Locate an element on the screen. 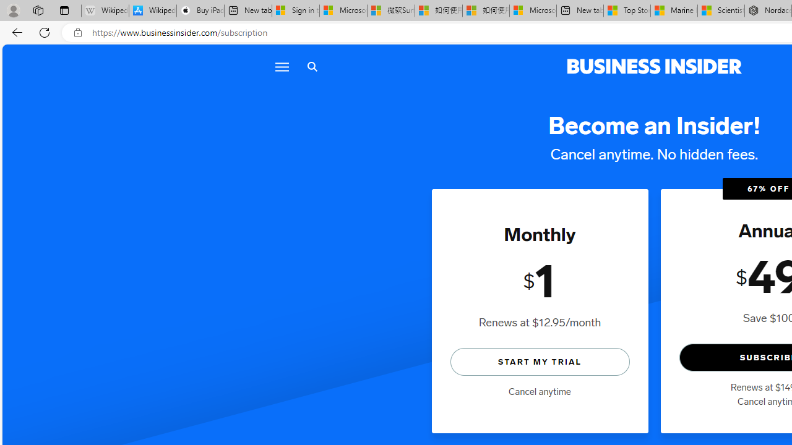 The image size is (792, 445). 'Cancel anytime' is located at coordinates (540, 391).